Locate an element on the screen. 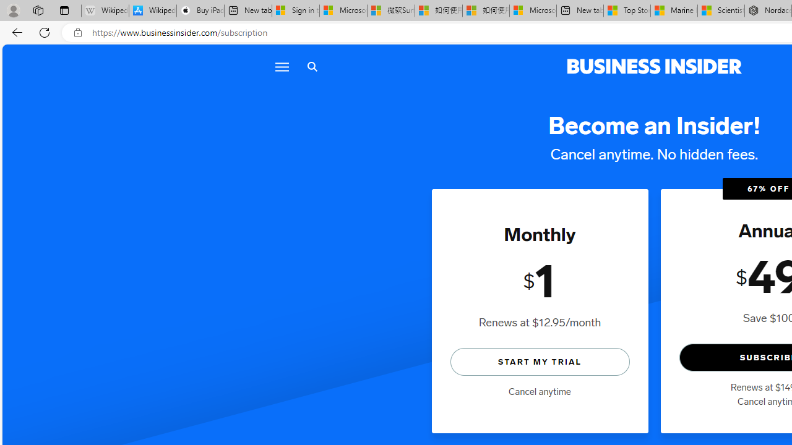 The image size is (792, 445). 'Cancel anytime' is located at coordinates (540, 391).